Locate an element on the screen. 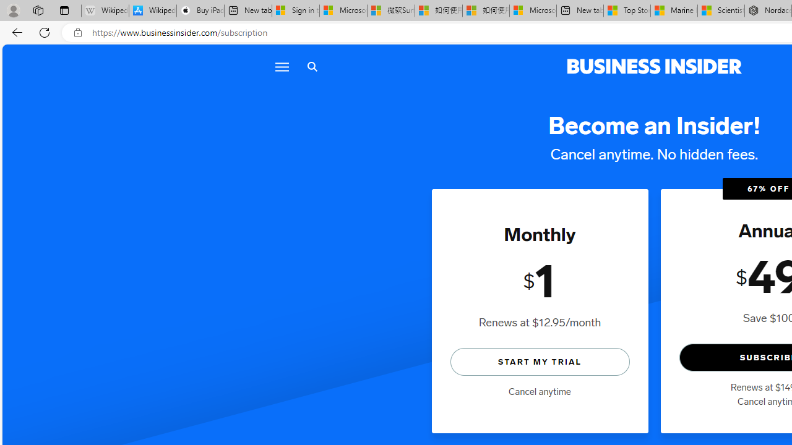 The image size is (792, 445). 'Cancel anytime' is located at coordinates (540, 391).